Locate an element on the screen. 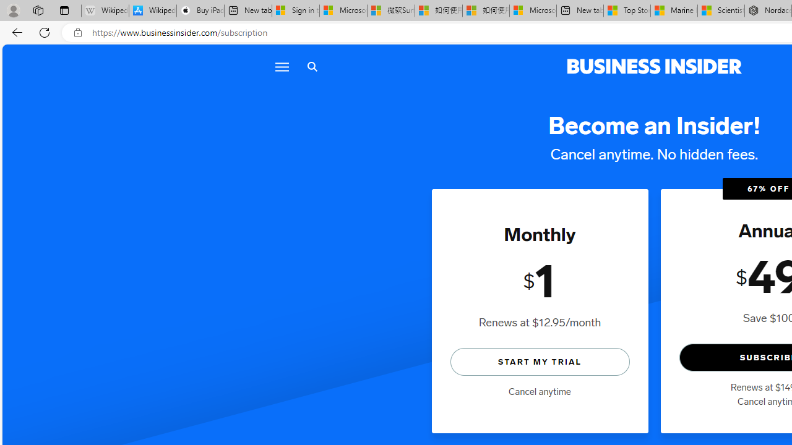 The image size is (792, 445). 'Cancel anytime' is located at coordinates (540, 391).